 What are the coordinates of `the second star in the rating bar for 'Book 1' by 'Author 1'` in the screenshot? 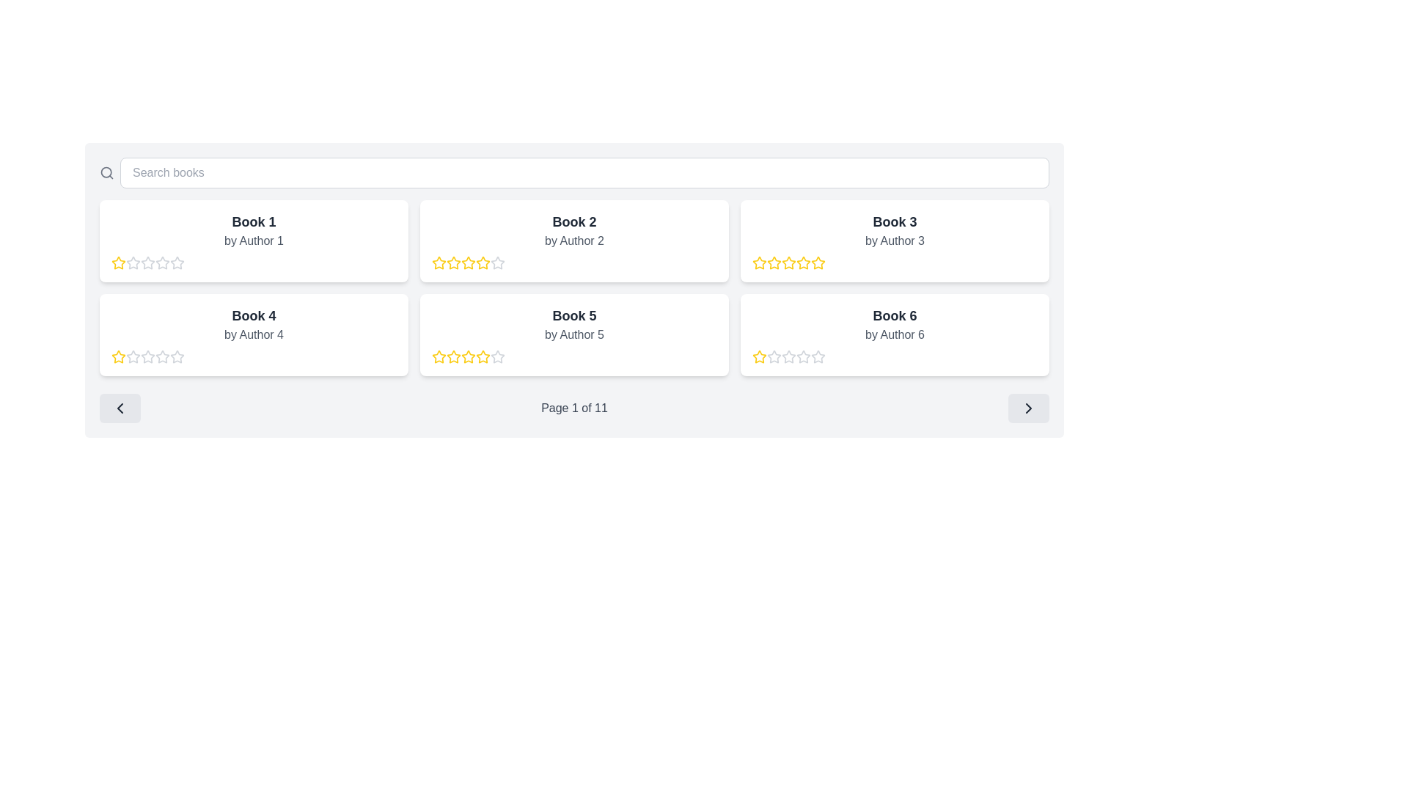 It's located at (147, 262).